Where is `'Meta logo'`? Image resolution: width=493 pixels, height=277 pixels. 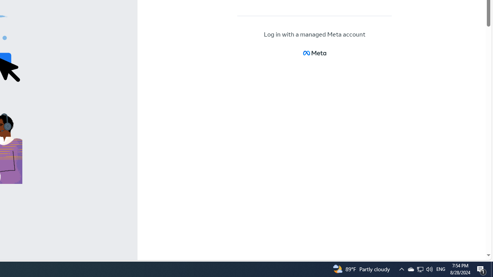
'Meta logo' is located at coordinates (314, 53).